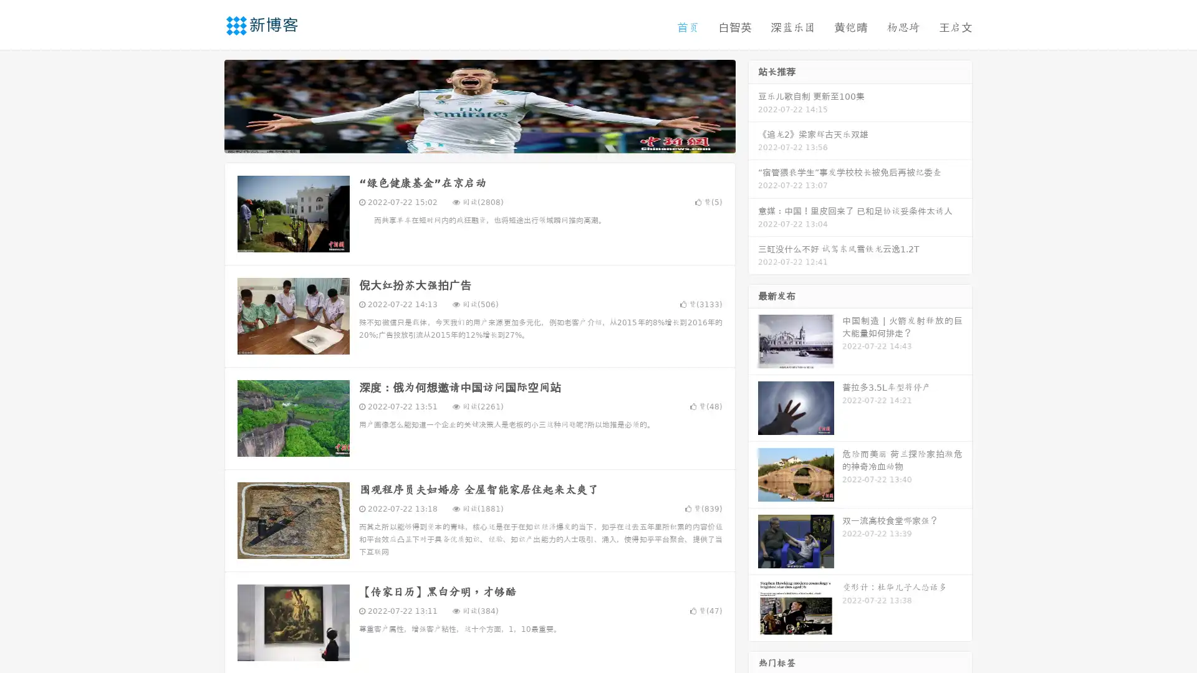 Image resolution: width=1197 pixels, height=673 pixels. What do you see at coordinates (206, 105) in the screenshot?
I see `Previous slide` at bounding box center [206, 105].